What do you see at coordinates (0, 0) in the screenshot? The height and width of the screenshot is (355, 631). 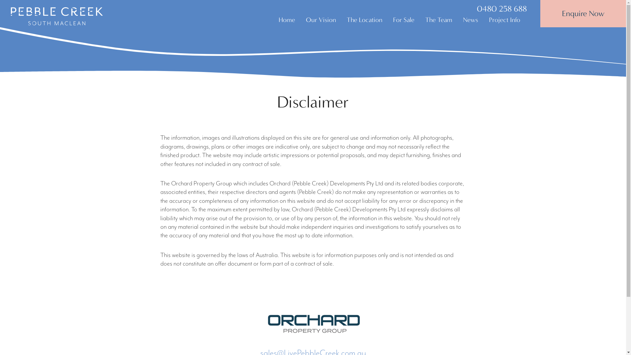 I see `'Skip to primary navigation'` at bounding box center [0, 0].